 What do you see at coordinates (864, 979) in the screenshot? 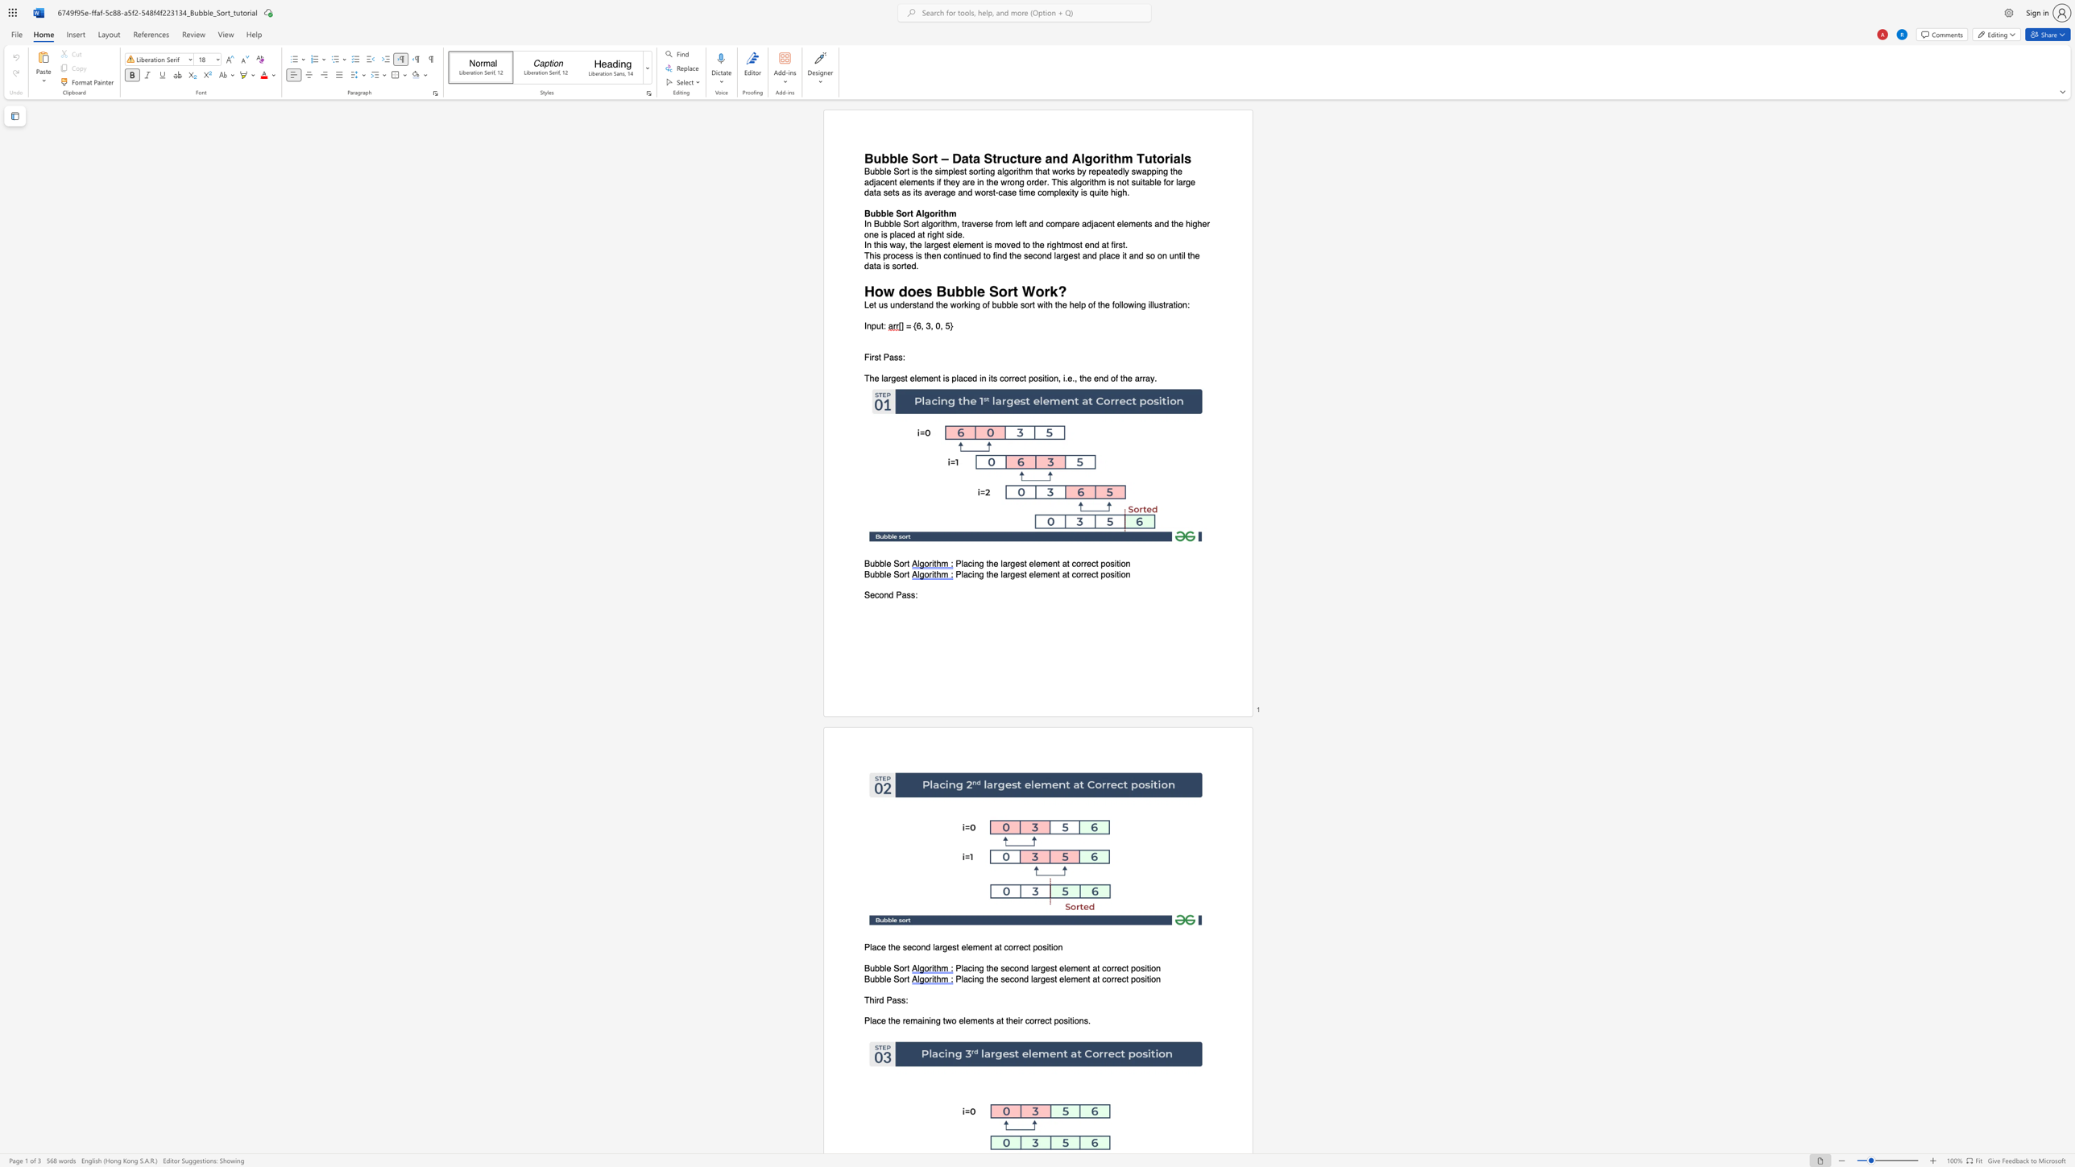
I see `the subset text "Bubble S" within the text "Bubble Sort"` at bounding box center [864, 979].